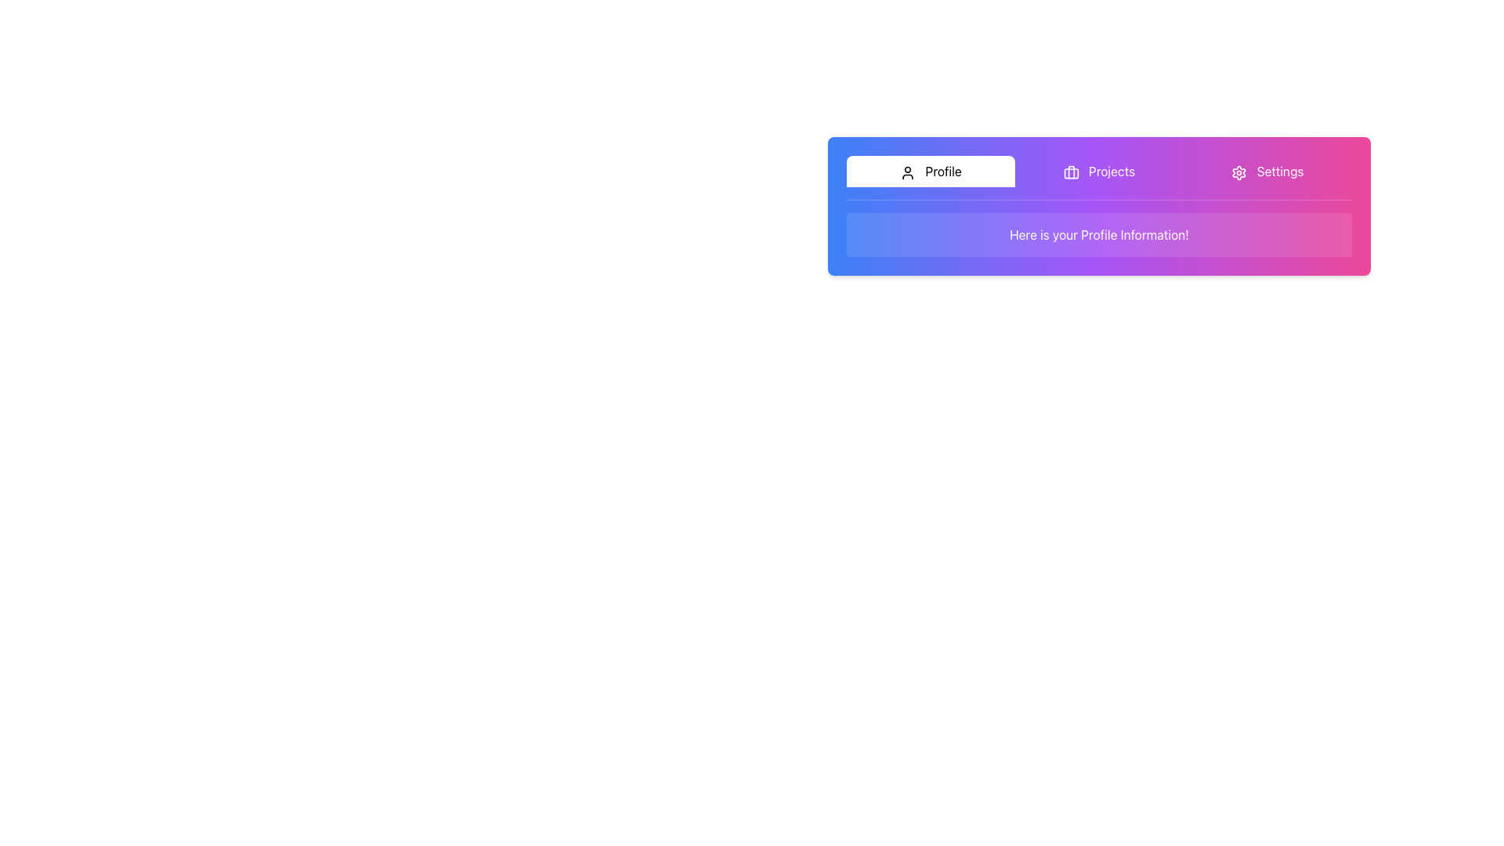 The height and width of the screenshot is (846, 1504). Describe the element at coordinates (931, 172) in the screenshot. I see `the 'Profile' button, which is a rectangular button with a user silhouette icon and black text on a white background, located at the top section of the interface in a horizontal menu bar` at that location.